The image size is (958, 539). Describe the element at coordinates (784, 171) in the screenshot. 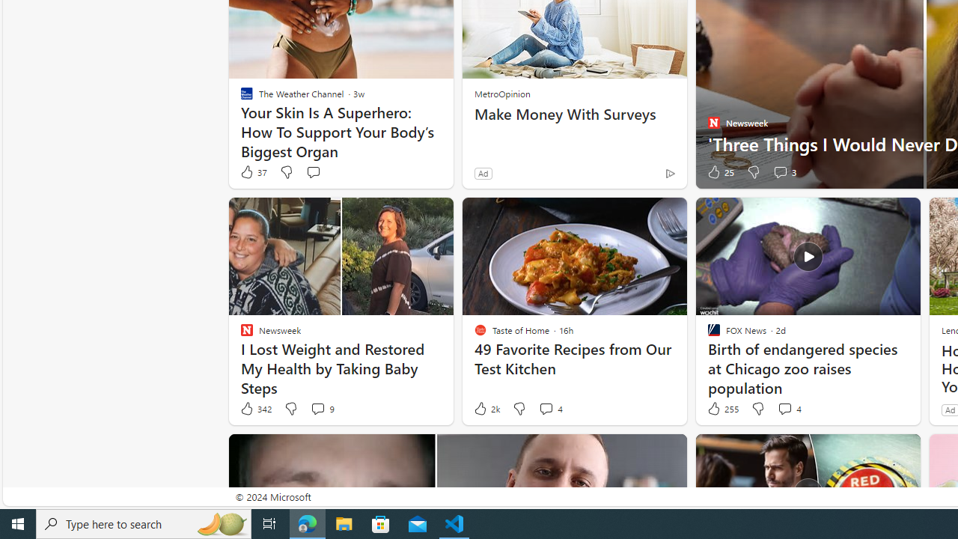

I see `'View comments 3 Comment'` at that location.